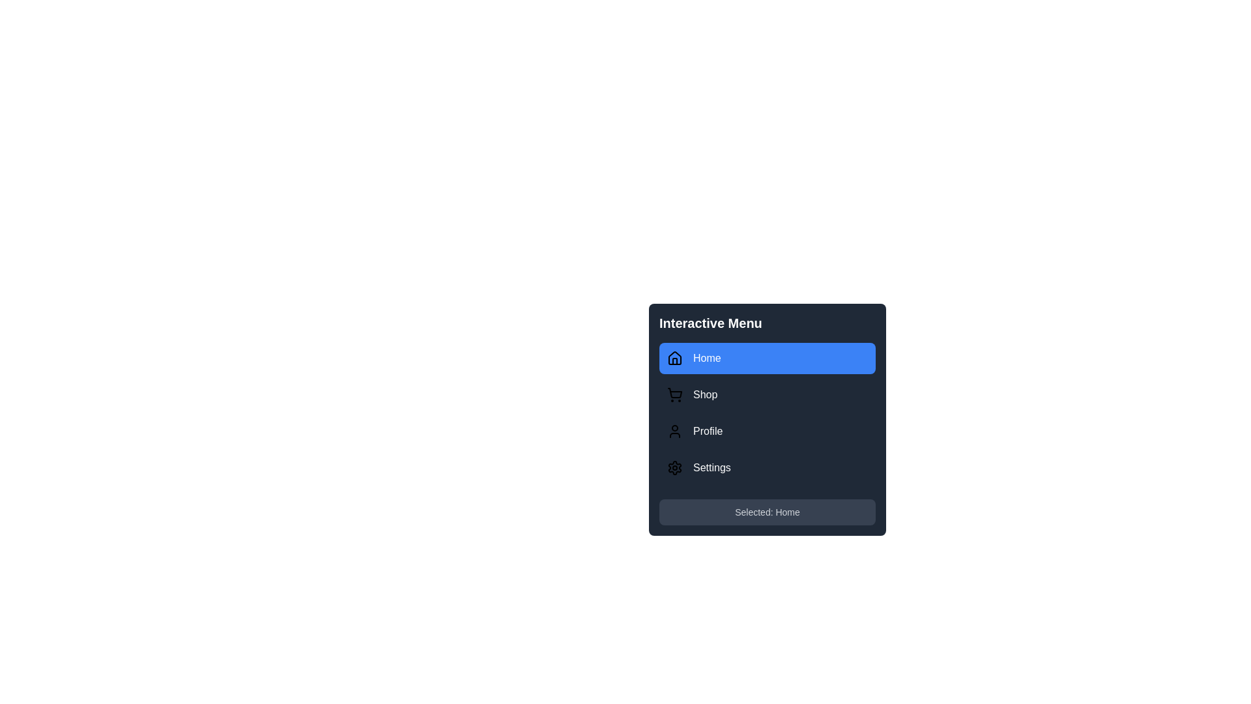 The image size is (1251, 704). I want to click on the 'Profile' menu option in the vertical navigation menu, so click(767, 413).